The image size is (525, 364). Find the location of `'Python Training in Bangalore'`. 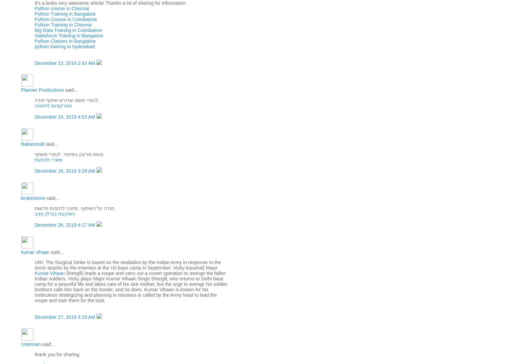

'Python Training in Bangalore' is located at coordinates (34, 13).